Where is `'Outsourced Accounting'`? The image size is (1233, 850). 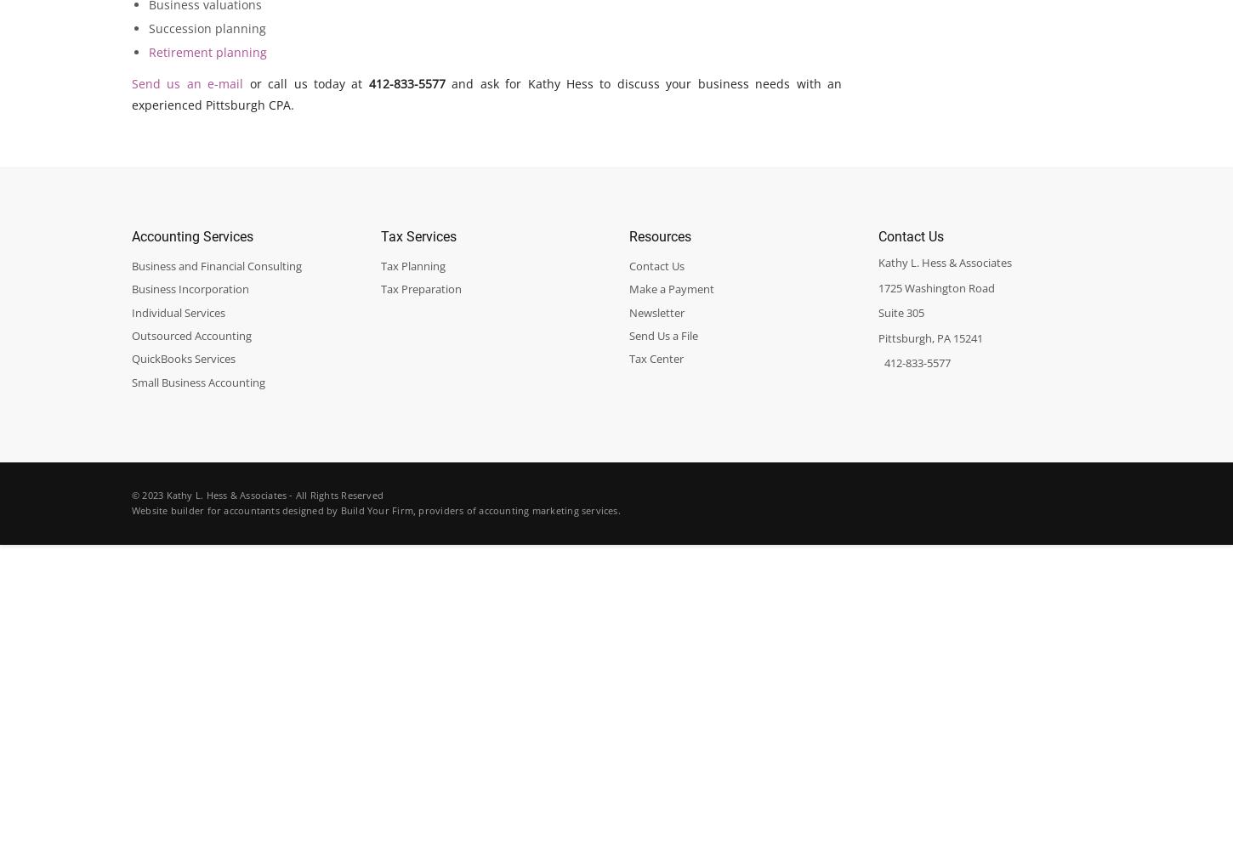 'Outsourced Accounting' is located at coordinates (190, 335).